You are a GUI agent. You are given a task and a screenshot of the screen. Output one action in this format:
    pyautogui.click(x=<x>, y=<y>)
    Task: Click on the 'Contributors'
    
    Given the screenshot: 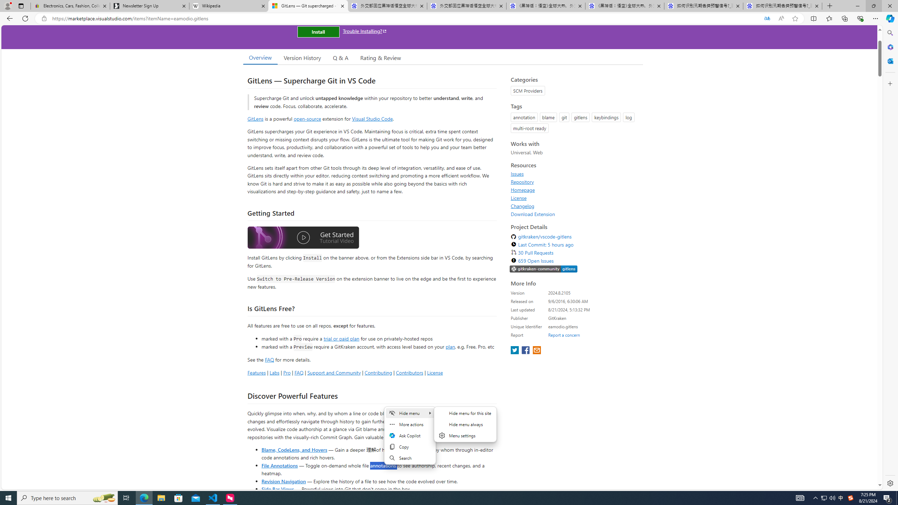 What is the action you would take?
    pyautogui.click(x=409, y=372)
    